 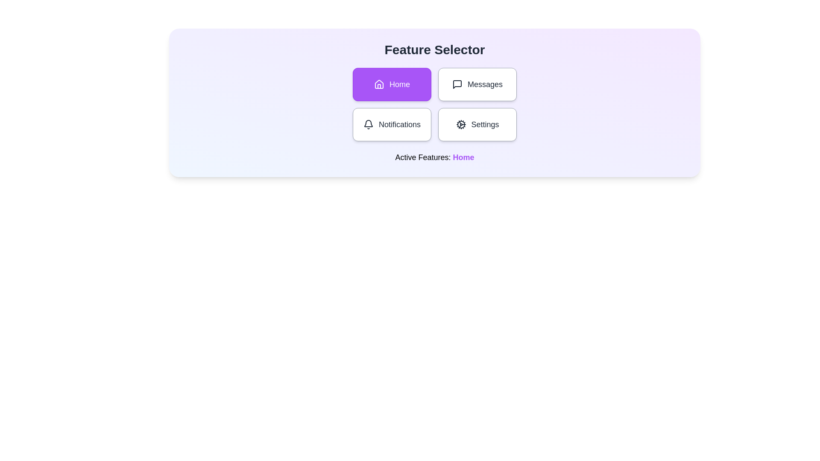 I want to click on the 'Home' button located in the top-left corner of the feature selection interface, so click(x=391, y=84).